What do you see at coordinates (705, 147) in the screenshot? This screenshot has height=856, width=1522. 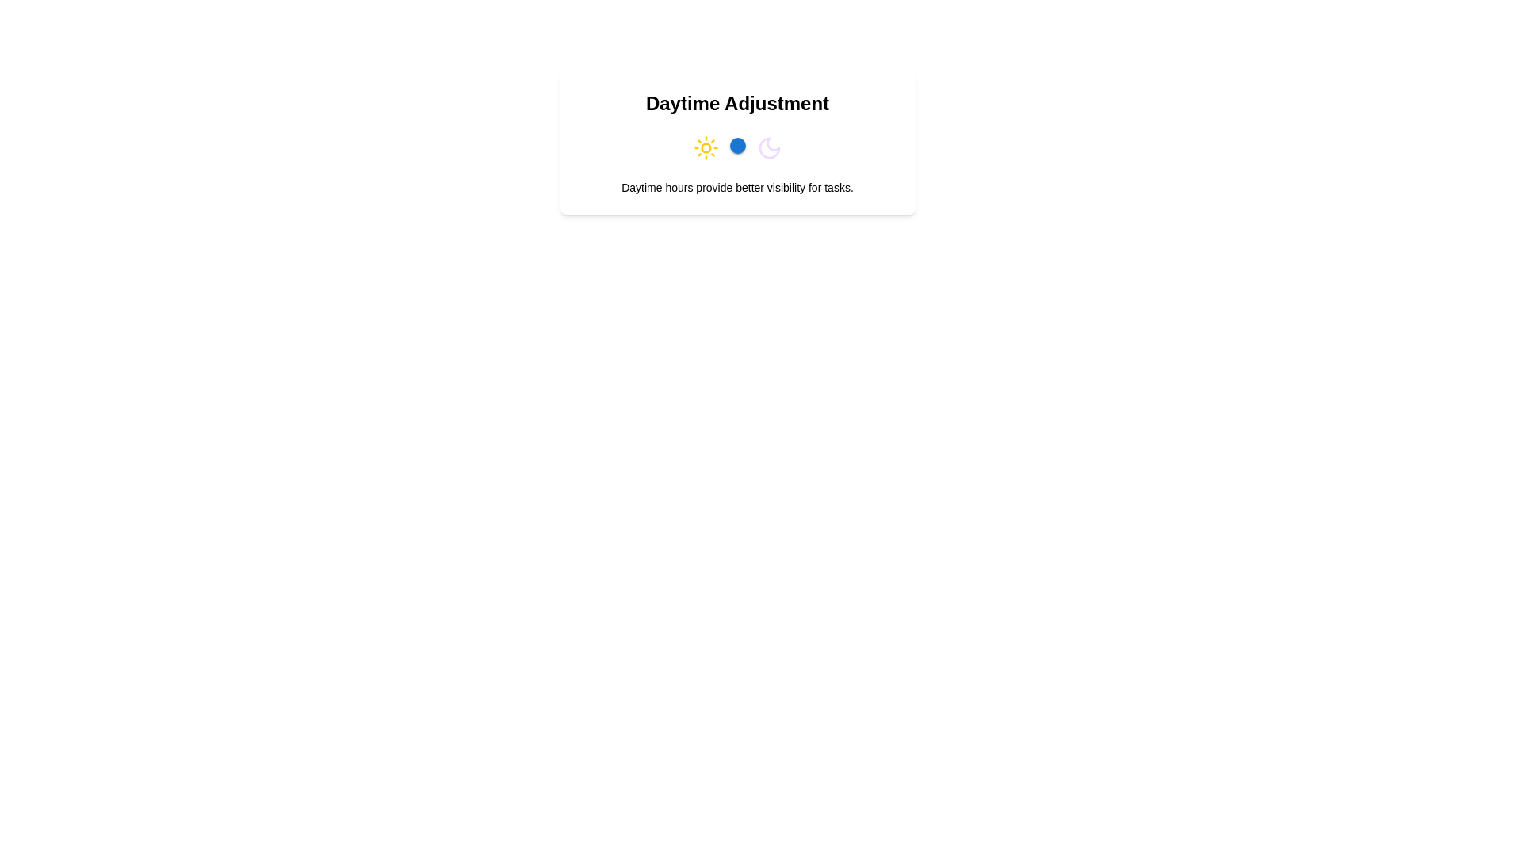 I see `the innermost decorative SVG circle of the sun-like icon located below the 'Daytime Adjustment' text` at bounding box center [705, 147].